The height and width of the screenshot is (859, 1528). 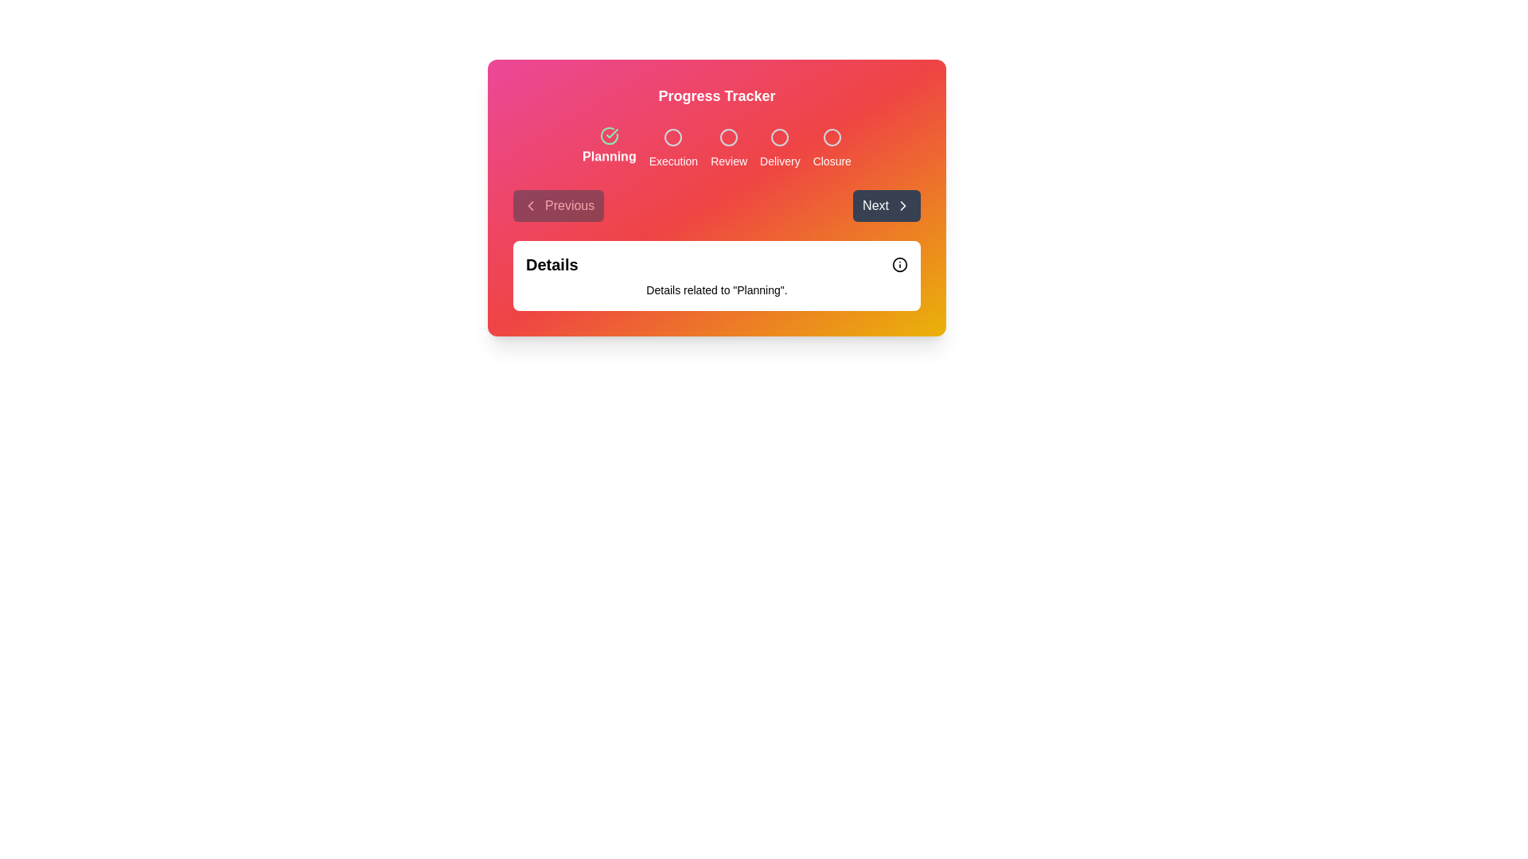 What do you see at coordinates (831, 161) in the screenshot?
I see `the 'Closure' label, which is a small gray text component located at the last step of a progress tracker interface, positioned below the current step circle icon` at bounding box center [831, 161].